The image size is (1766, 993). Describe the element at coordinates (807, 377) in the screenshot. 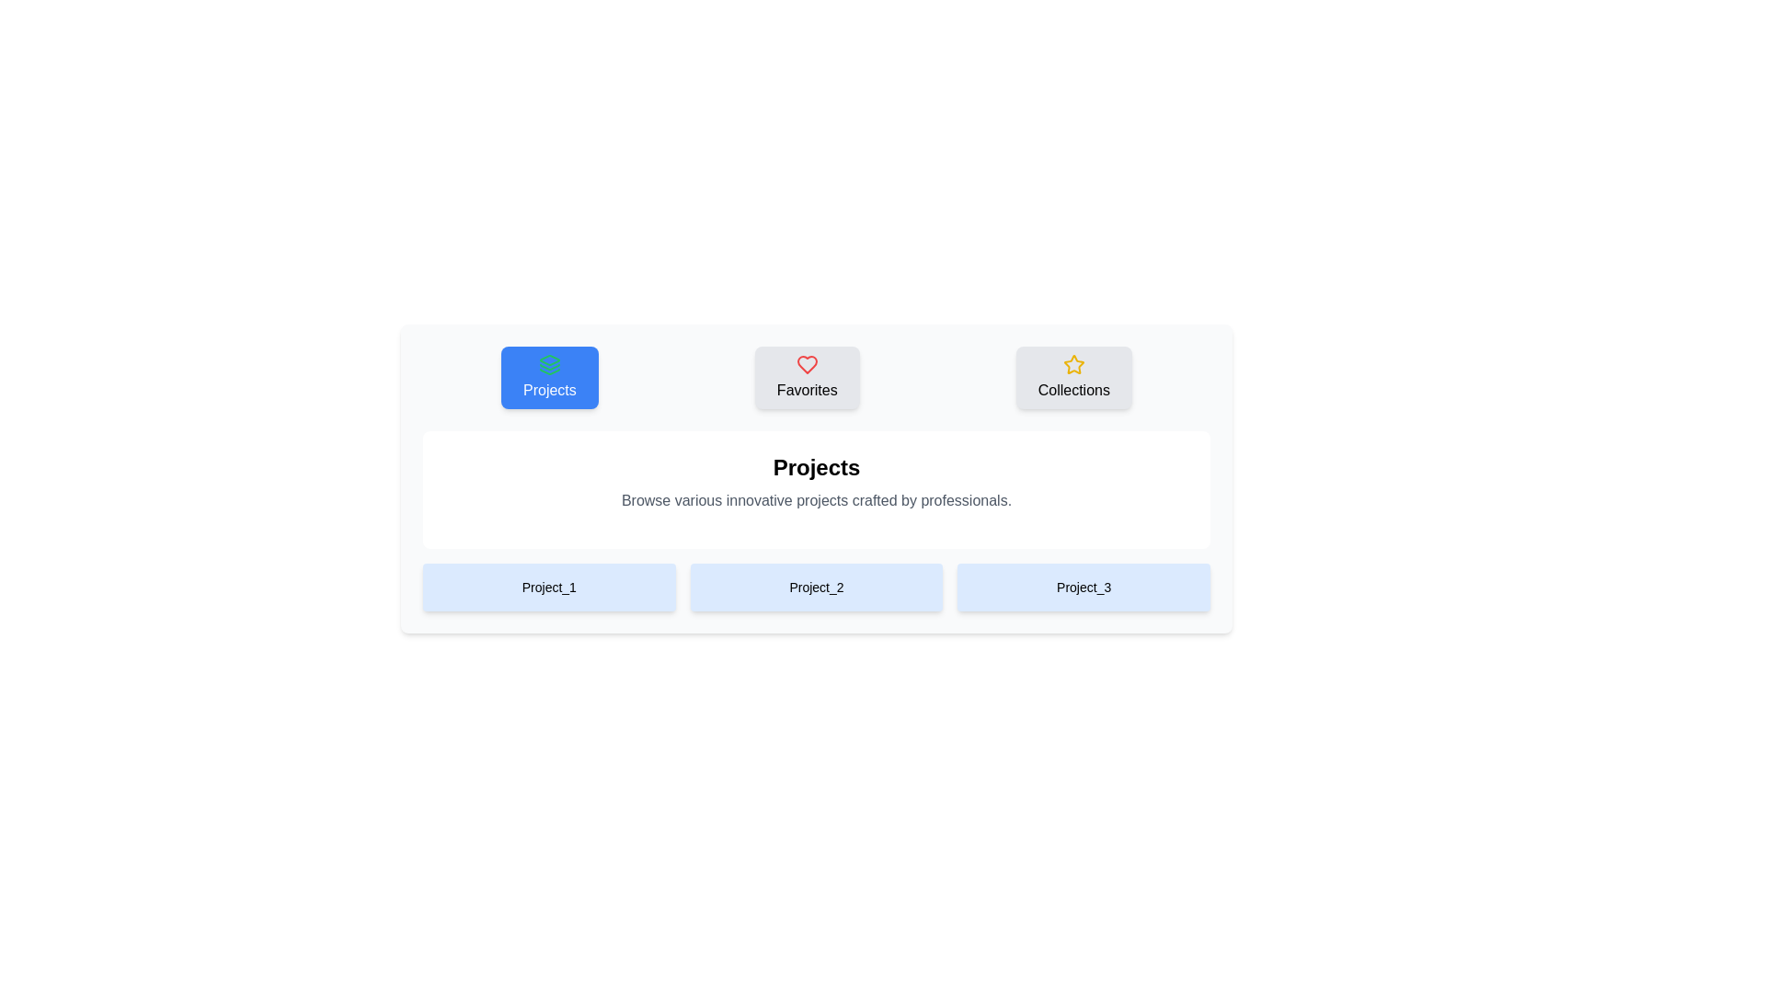

I see `the Favorites tab by clicking on it` at that location.